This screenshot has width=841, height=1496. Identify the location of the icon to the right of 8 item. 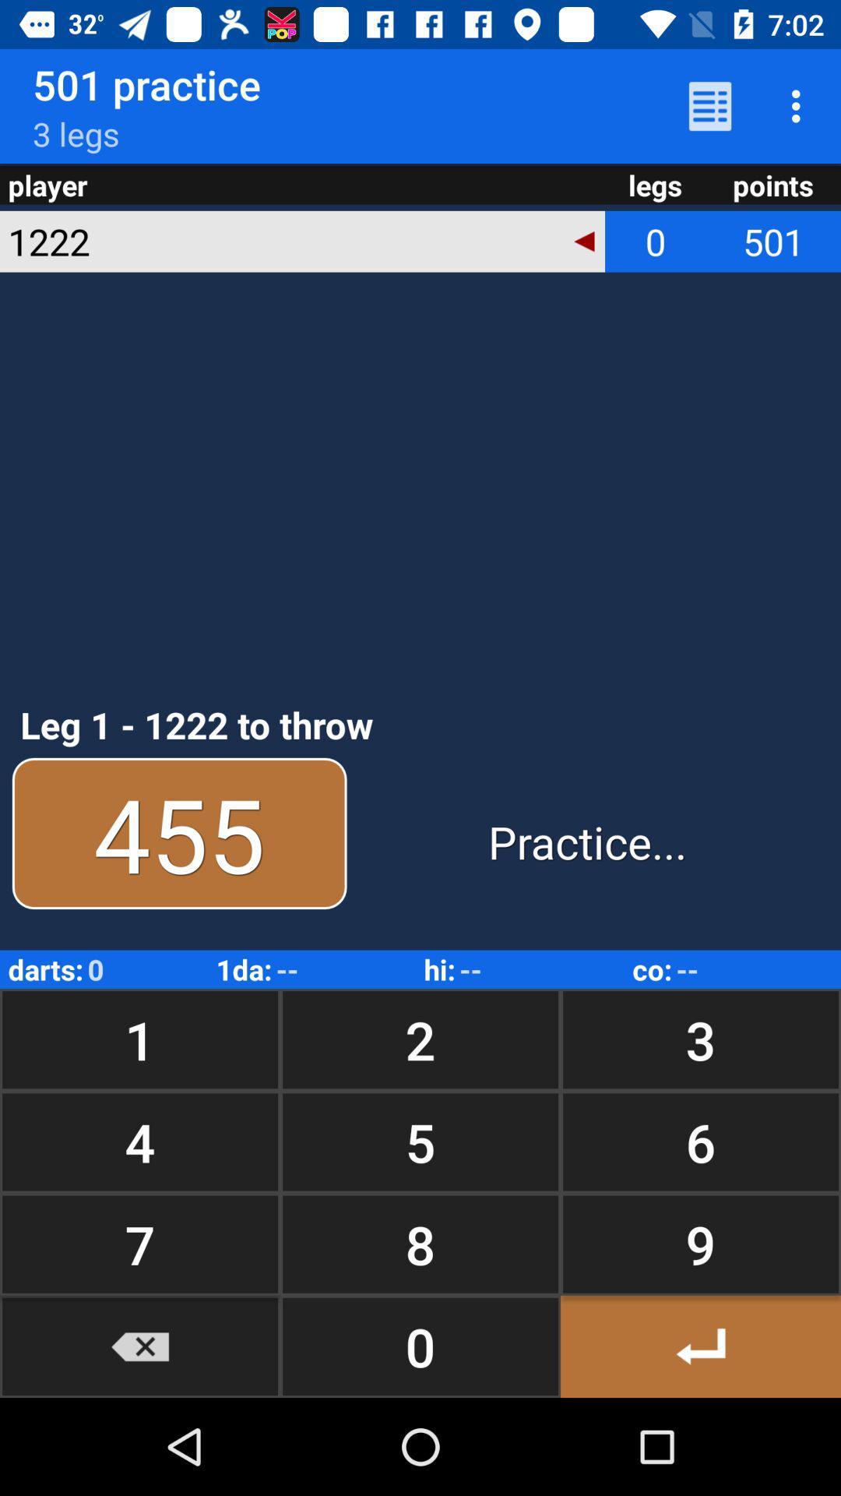
(699, 1346).